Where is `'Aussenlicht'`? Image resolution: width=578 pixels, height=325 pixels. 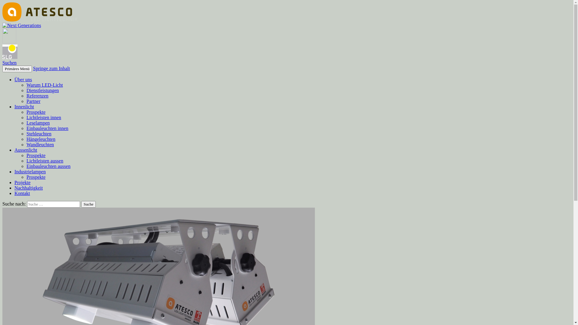
'Aussenlicht' is located at coordinates (26, 150).